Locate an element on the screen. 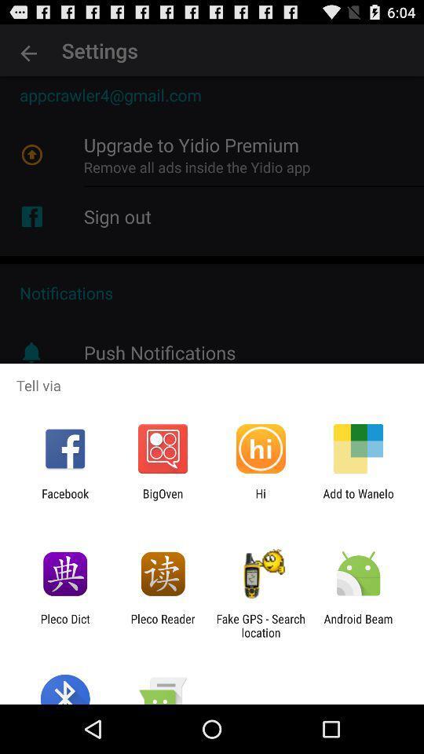  the app next to the pleco reader icon is located at coordinates (261, 625).